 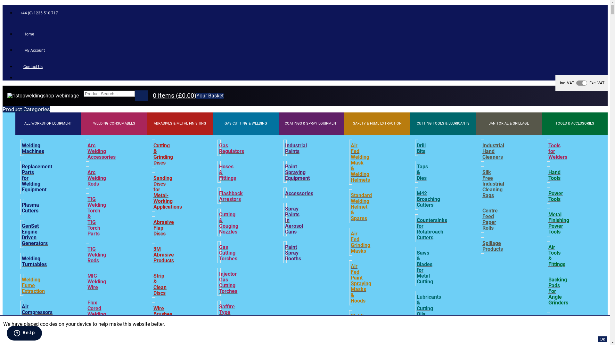 I want to click on 'Power Tools', so click(x=548, y=196).